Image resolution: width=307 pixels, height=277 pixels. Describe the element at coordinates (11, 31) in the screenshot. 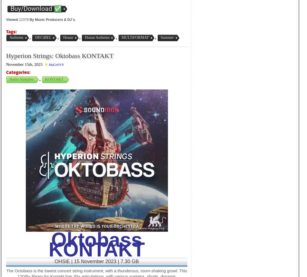

I see `'Tags:'` at that location.